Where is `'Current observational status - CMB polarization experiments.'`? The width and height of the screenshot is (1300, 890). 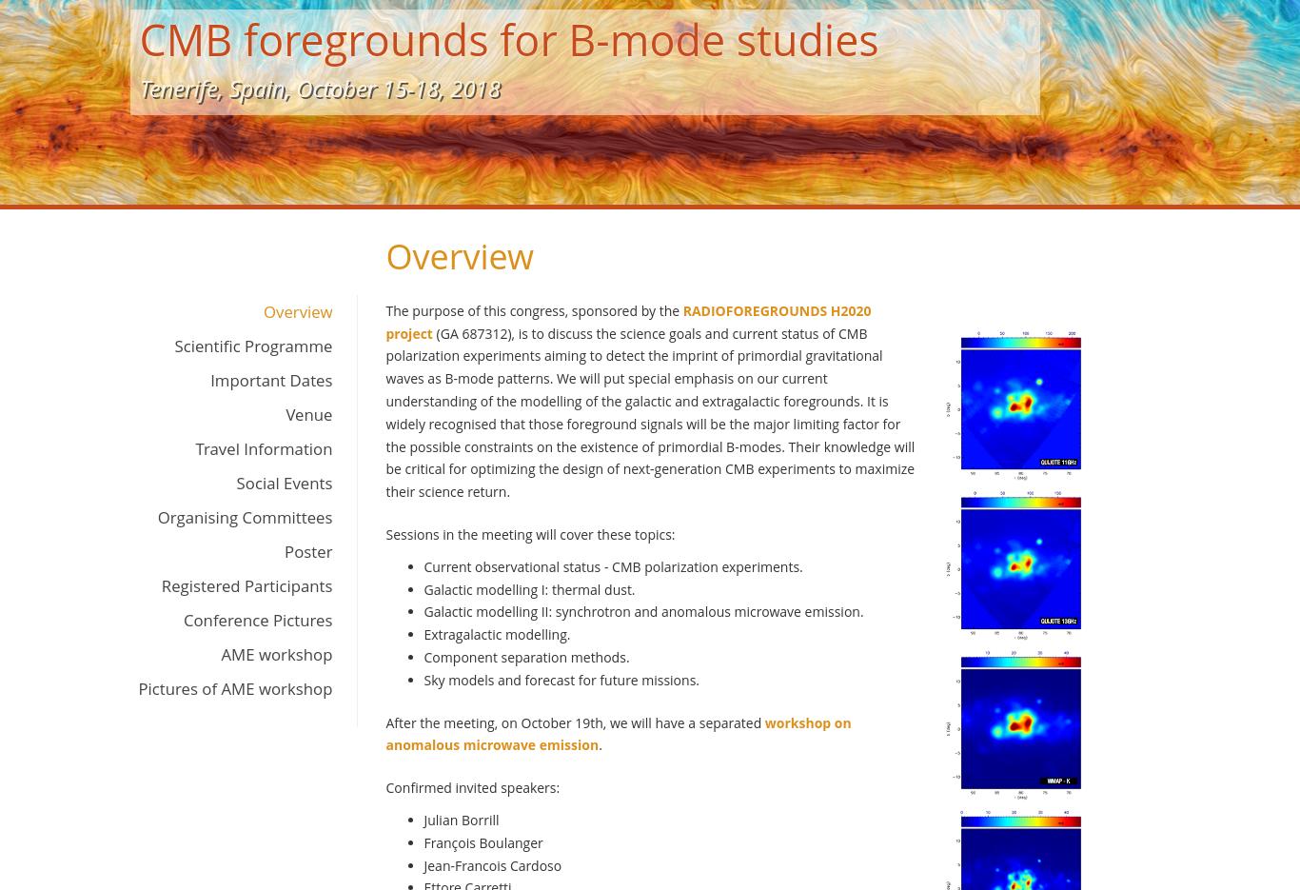
'Current observational status - CMB polarization experiments.' is located at coordinates (611, 565).